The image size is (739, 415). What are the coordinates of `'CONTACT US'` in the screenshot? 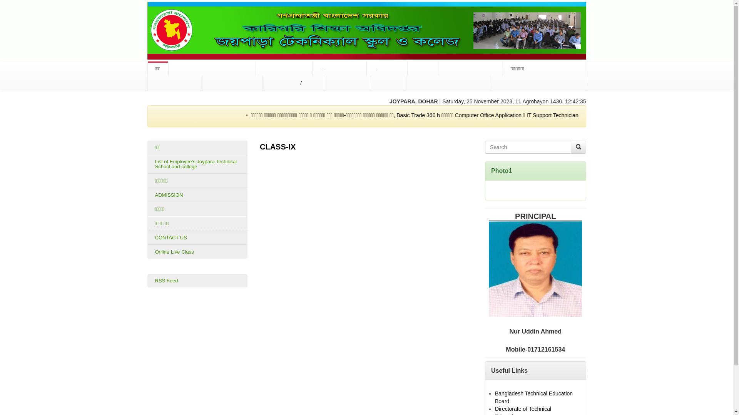 It's located at (197, 237).